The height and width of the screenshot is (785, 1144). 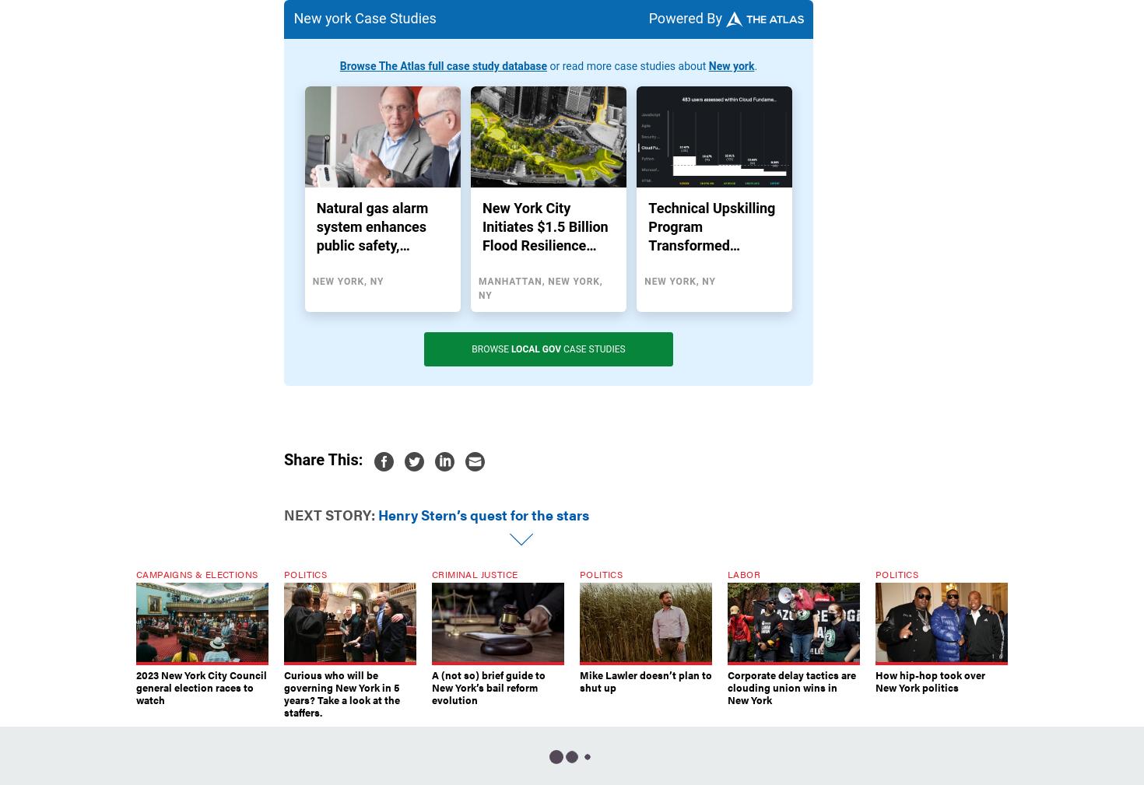 I want to click on 'New york Case Studies', so click(x=363, y=16).